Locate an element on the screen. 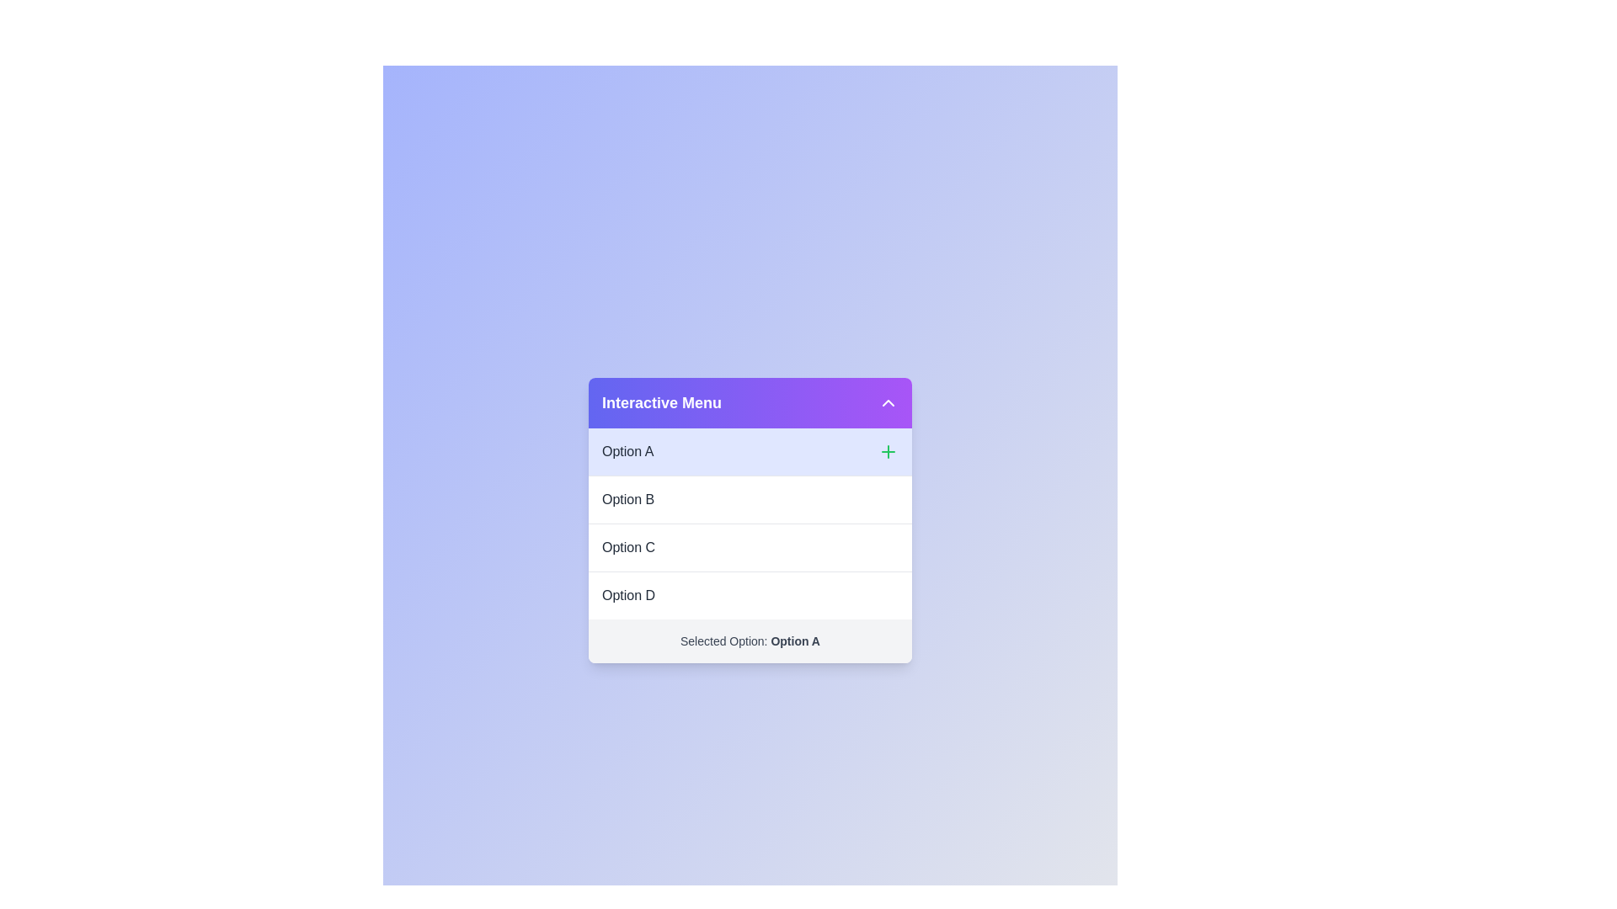 This screenshot has height=909, width=1617. the option Option C from the menu is located at coordinates (750, 547).